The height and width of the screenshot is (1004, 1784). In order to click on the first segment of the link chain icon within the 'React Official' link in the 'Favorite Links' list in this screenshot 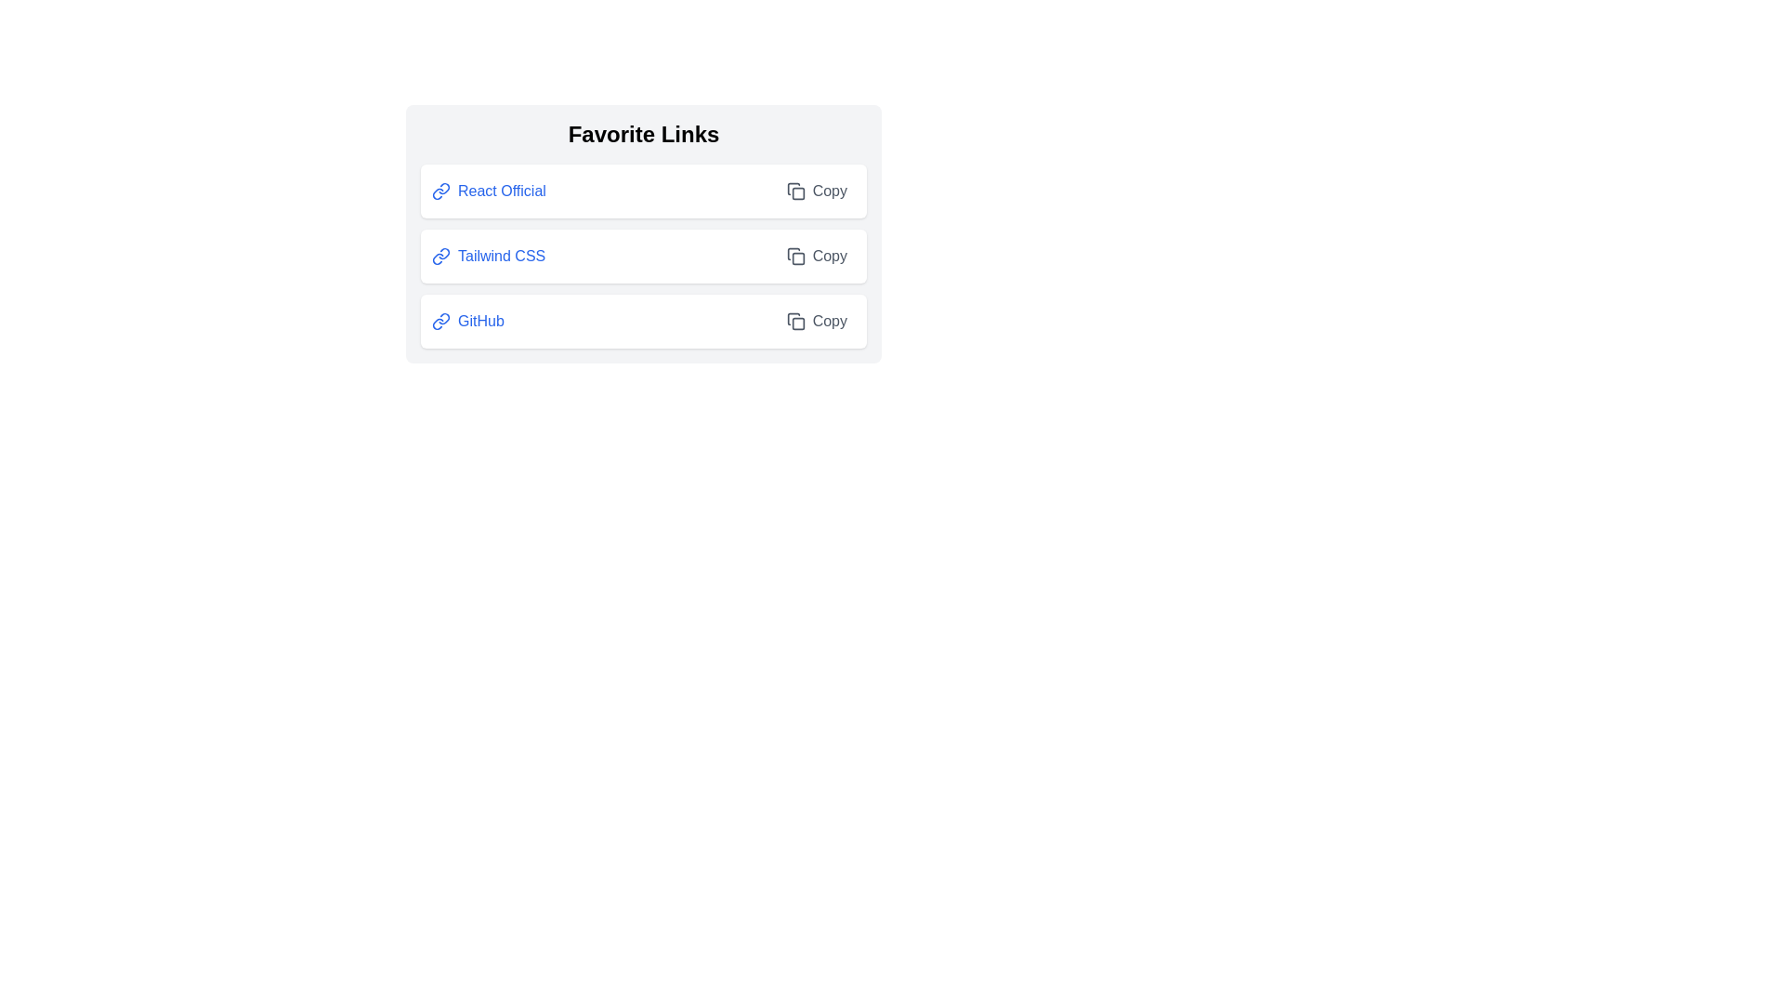, I will do `click(443, 189)`.